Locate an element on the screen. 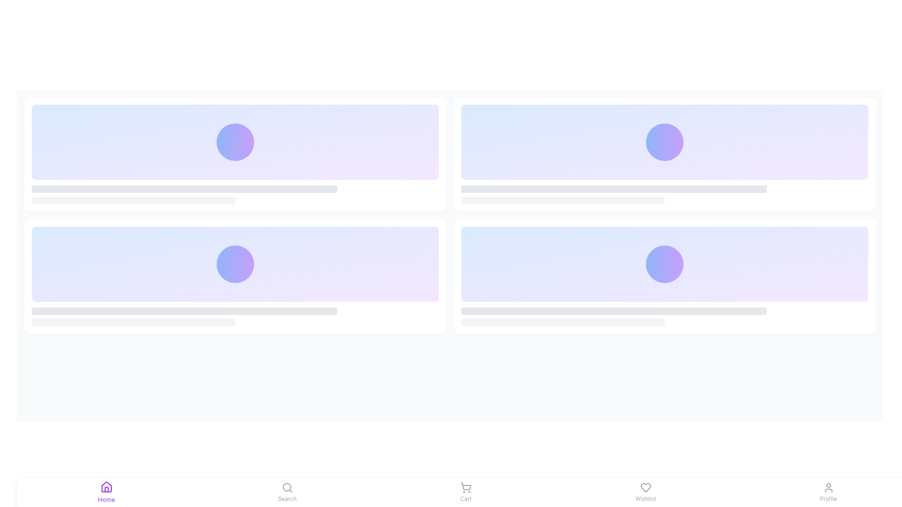 The image size is (902, 507). the decorative section that serves as a placeholder within the second card of a vertically stacked list, which is aligned in the center horizontally and occupies most of the card's space is located at coordinates (235, 264).